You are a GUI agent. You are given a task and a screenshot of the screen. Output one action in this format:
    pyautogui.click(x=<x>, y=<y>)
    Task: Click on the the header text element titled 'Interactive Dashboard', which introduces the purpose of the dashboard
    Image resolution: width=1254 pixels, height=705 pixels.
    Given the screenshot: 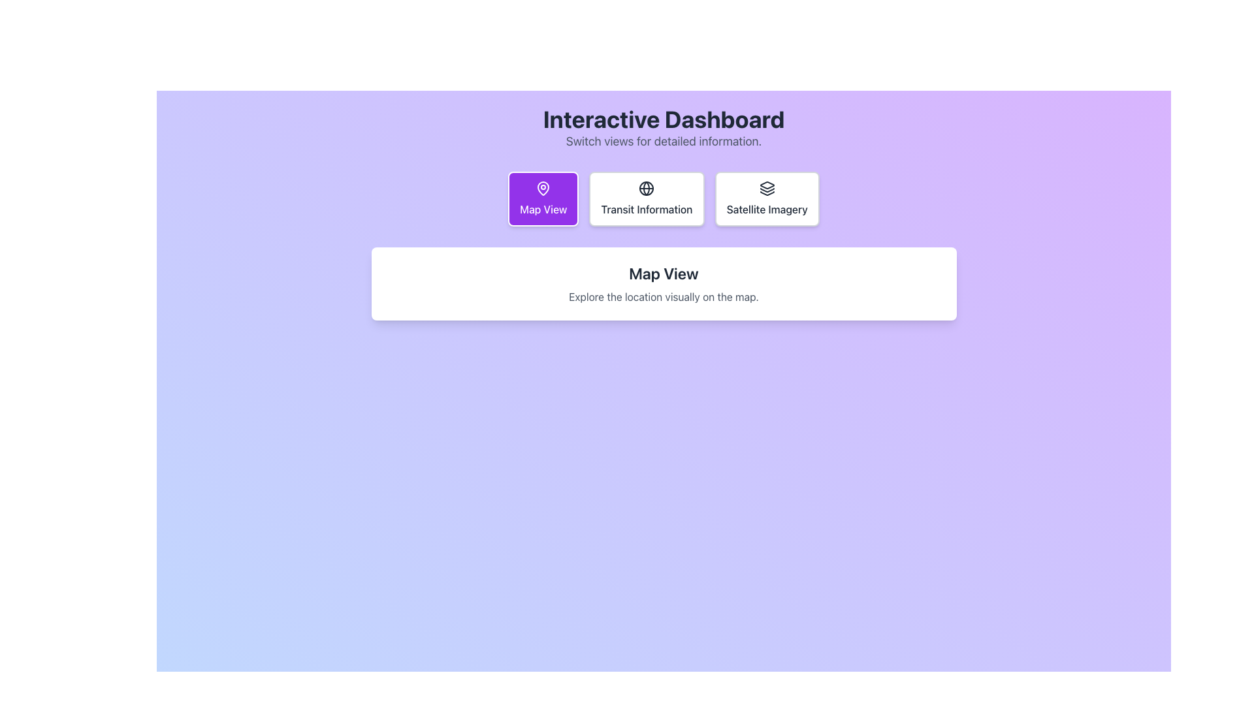 What is the action you would take?
    pyautogui.click(x=664, y=119)
    